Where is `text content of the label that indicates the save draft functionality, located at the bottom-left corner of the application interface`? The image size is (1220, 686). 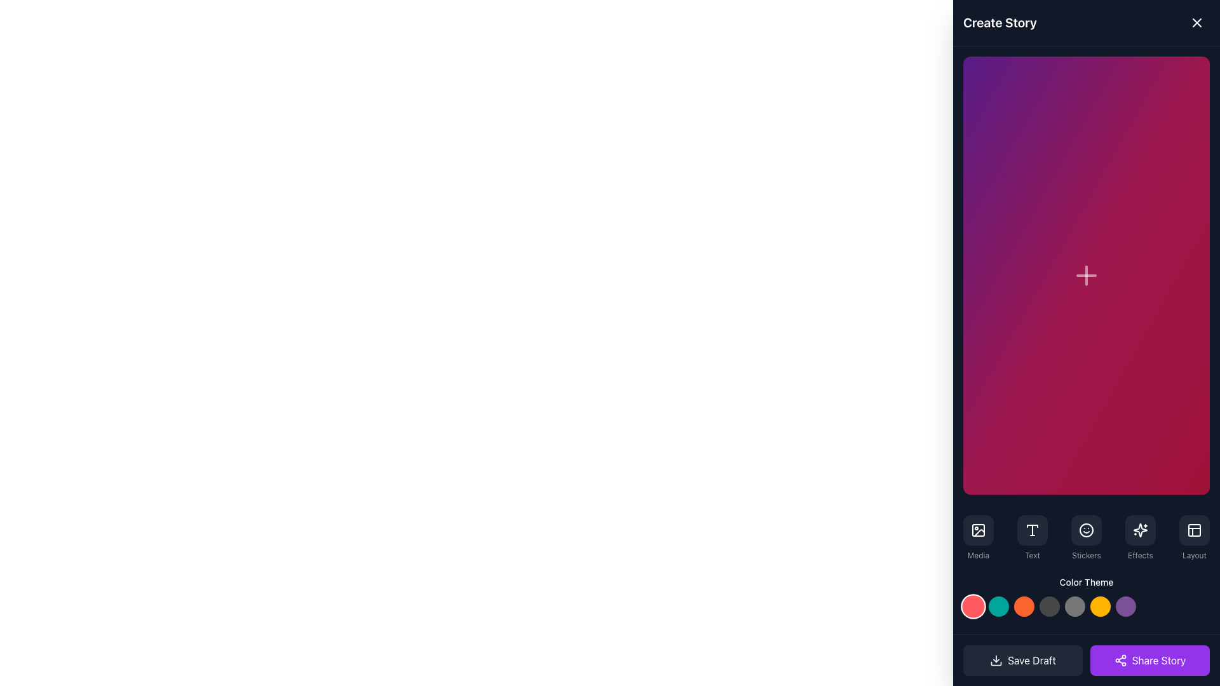 text content of the label that indicates the save draft functionality, located at the bottom-left corner of the application interface is located at coordinates (1031, 660).